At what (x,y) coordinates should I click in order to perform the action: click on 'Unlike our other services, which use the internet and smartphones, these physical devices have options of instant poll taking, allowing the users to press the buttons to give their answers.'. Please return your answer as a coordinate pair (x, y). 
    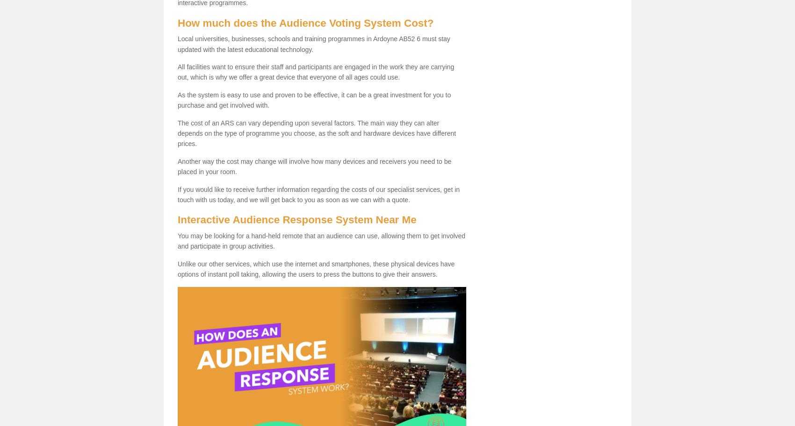
    Looking at the image, I should click on (316, 269).